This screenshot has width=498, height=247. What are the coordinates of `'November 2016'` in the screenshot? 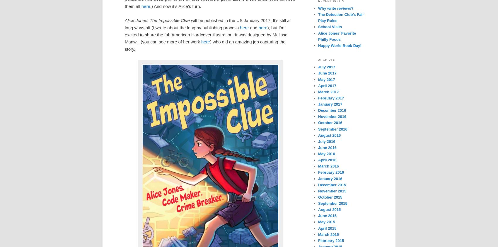 It's located at (332, 116).